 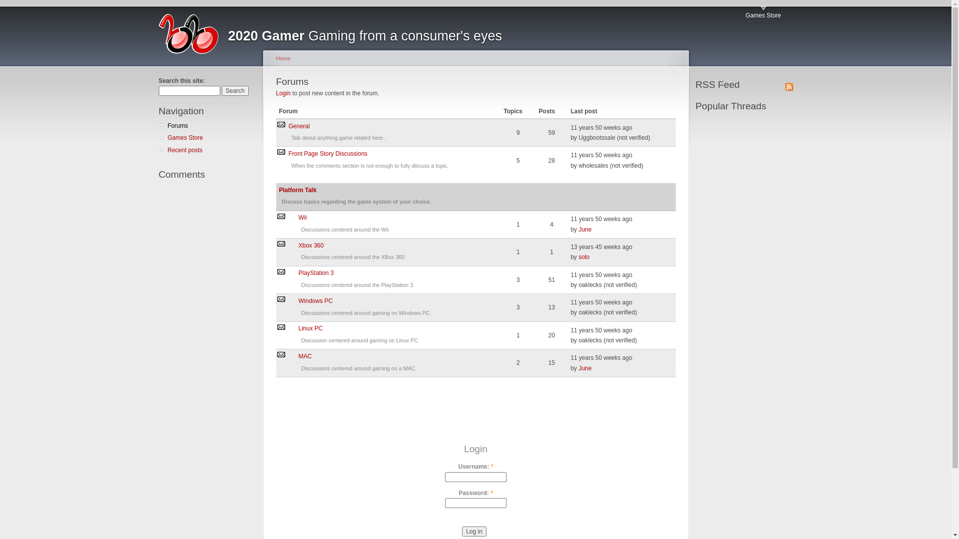 What do you see at coordinates (788, 85) in the screenshot?
I see `'Syndicate'` at bounding box center [788, 85].